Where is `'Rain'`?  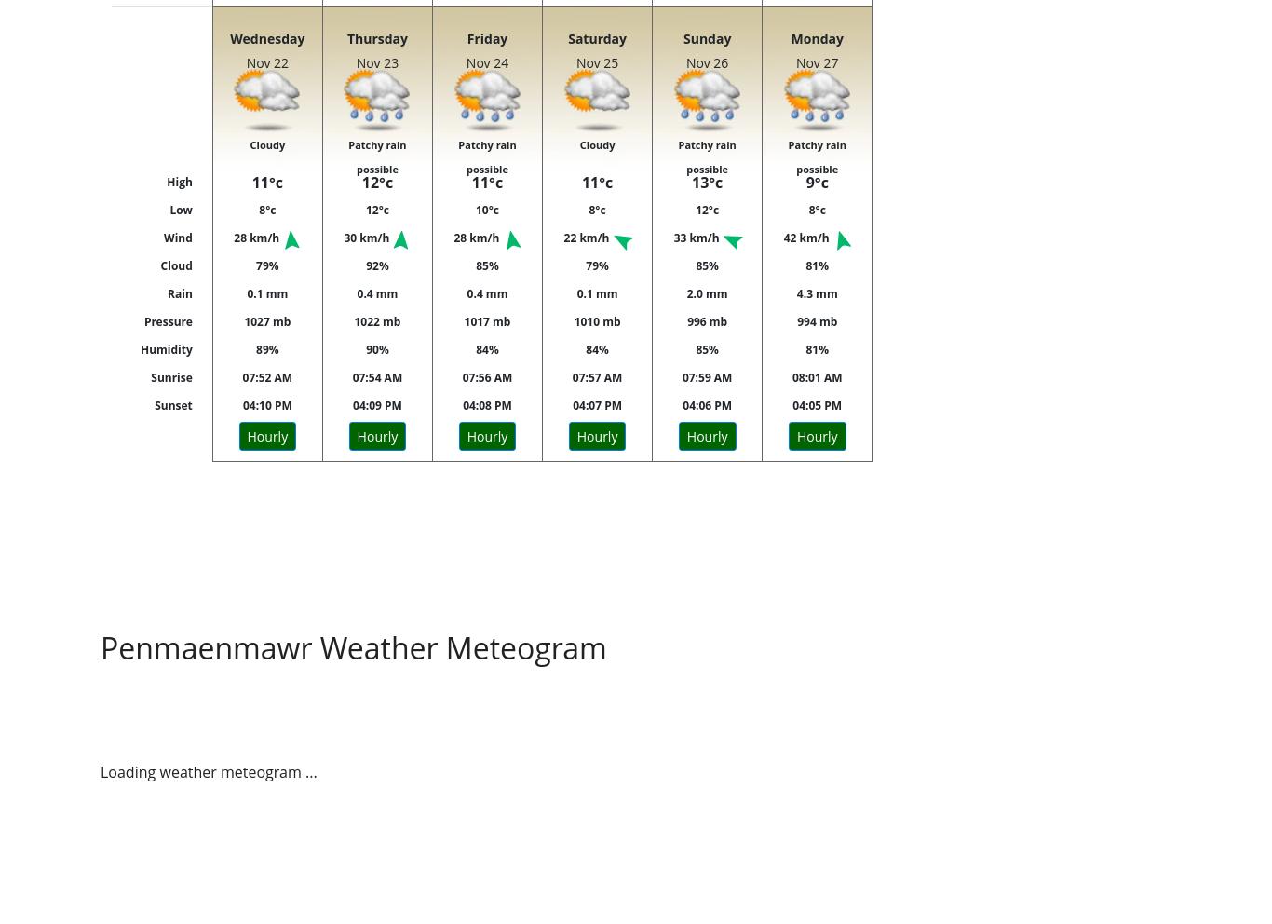 'Rain' is located at coordinates (179, 293).